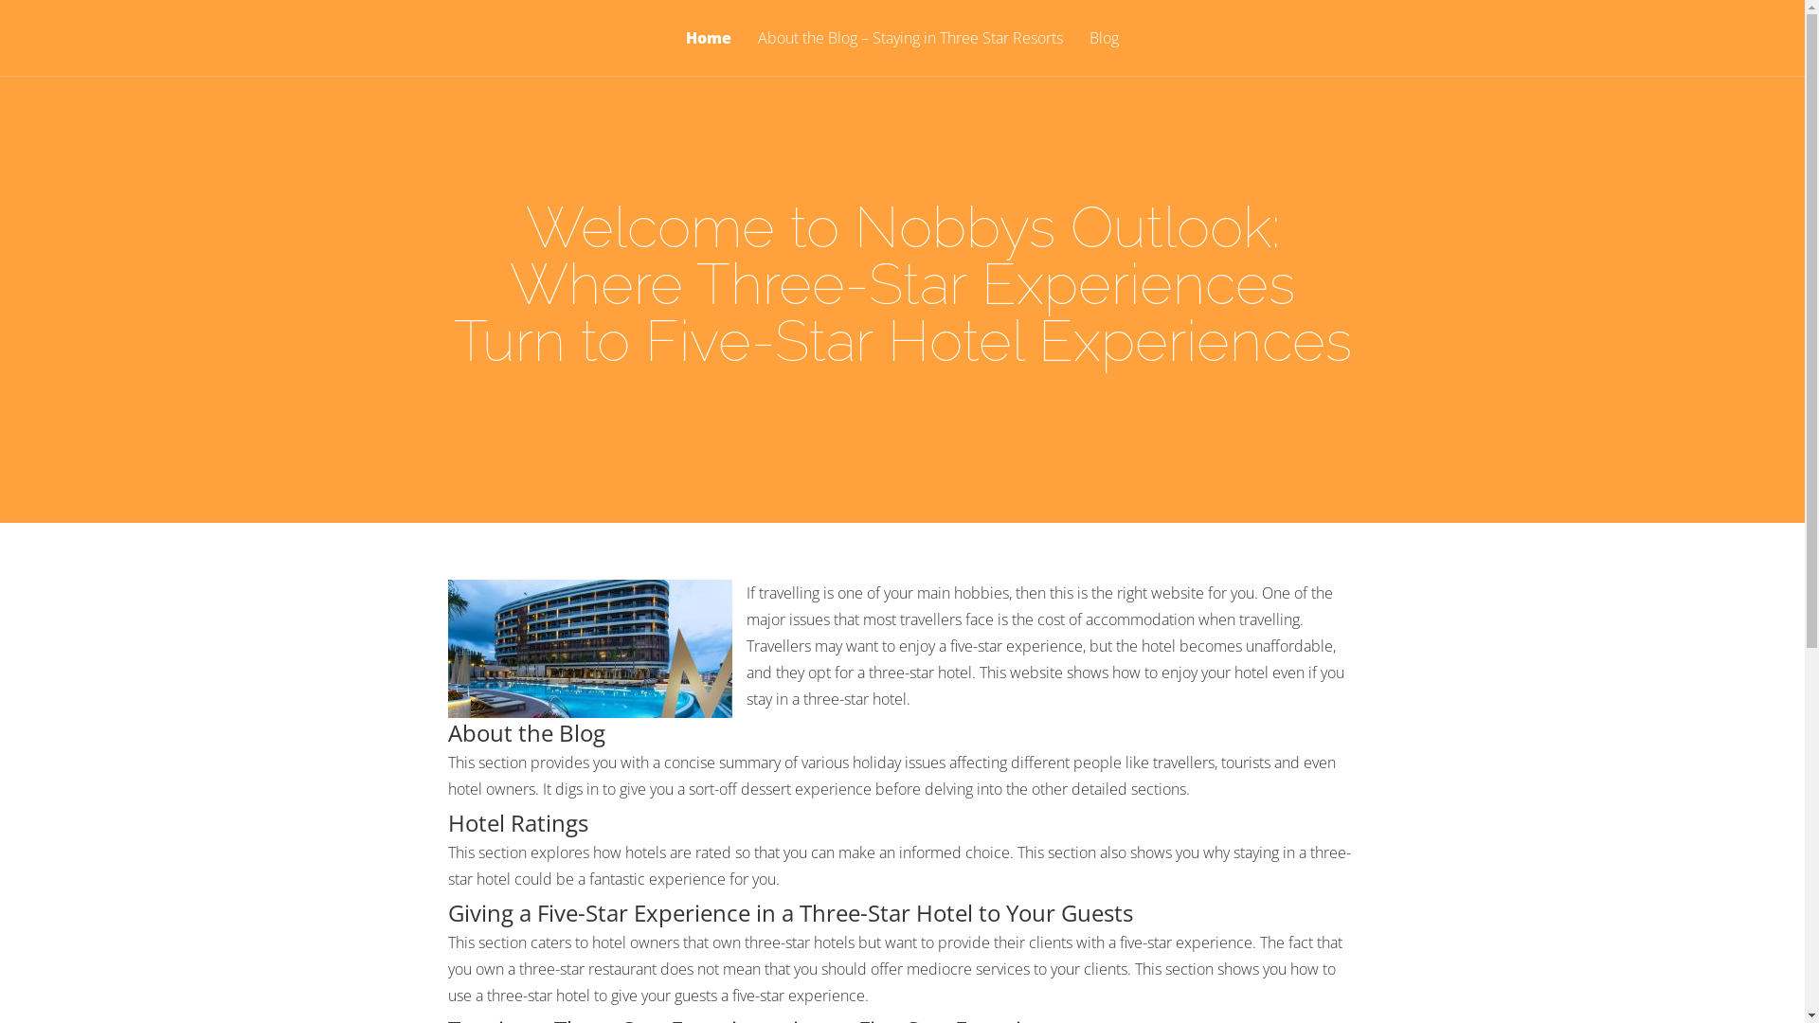 The width and height of the screenshot is (1819, 1023). Describe the element at coordinates (1104, 52) in the screenshot. I see `'Blog'` at that location.